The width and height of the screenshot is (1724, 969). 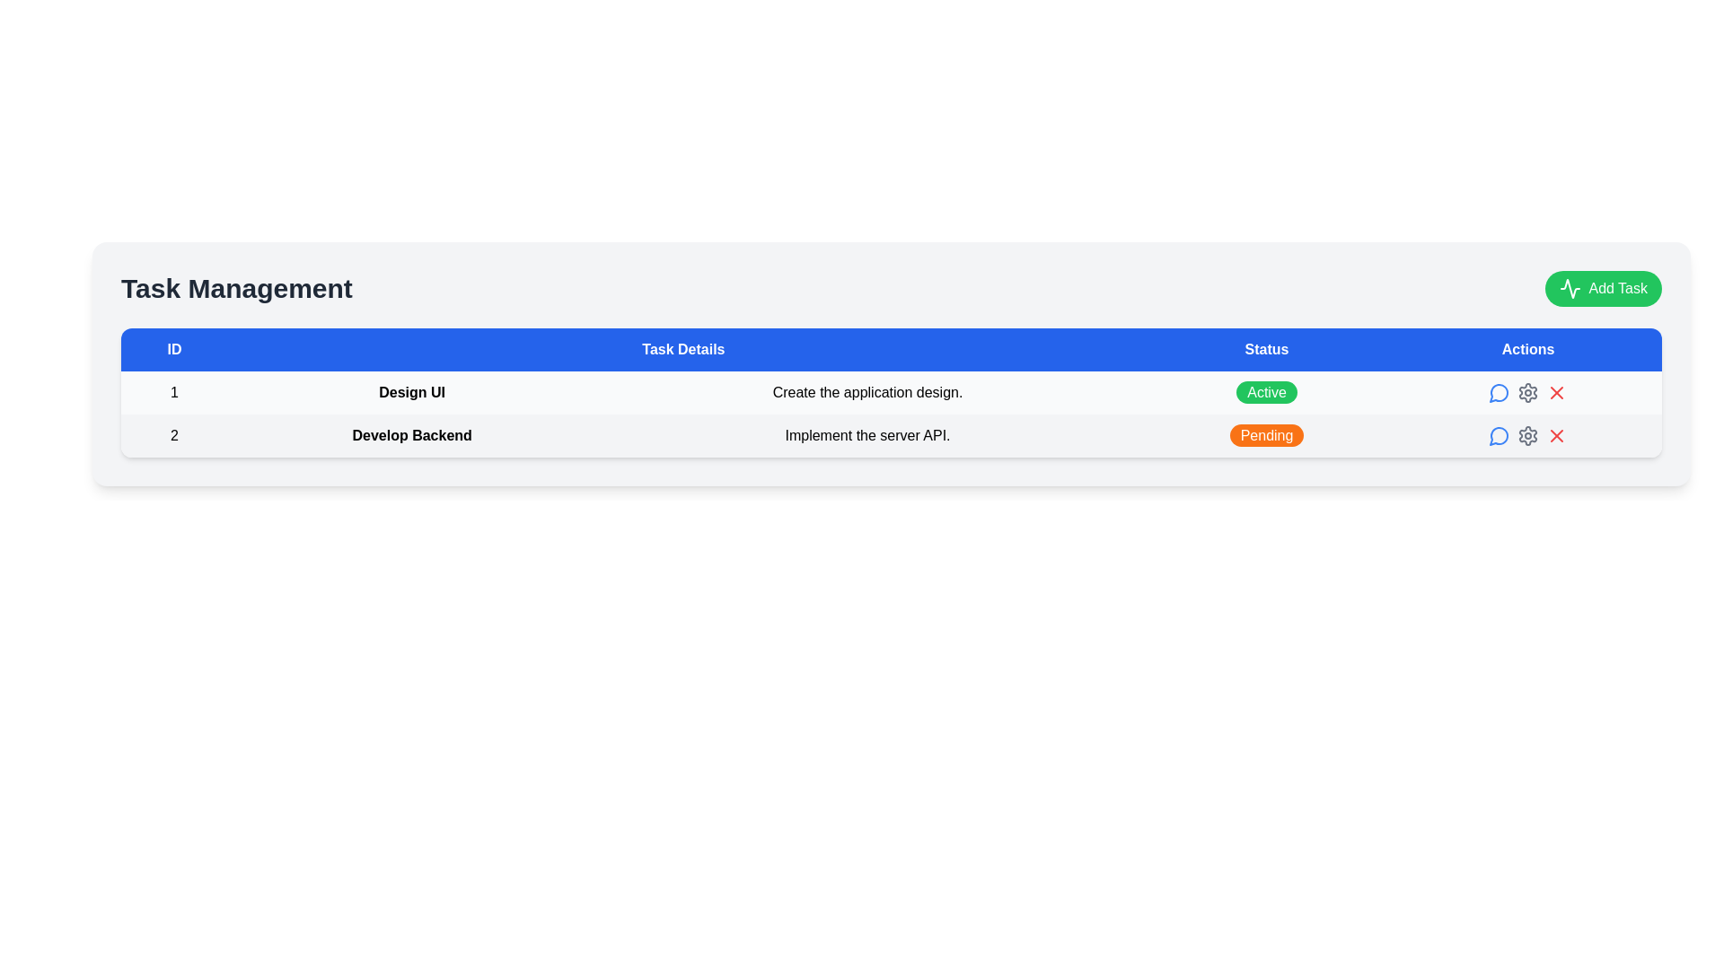 What do you see at coordinates (1500, 436) in the screenshot?
I see `the action button in the 'Actions' column of the task table for the second task titled 'Develop Backend'` at bounding box center [1500, 436].